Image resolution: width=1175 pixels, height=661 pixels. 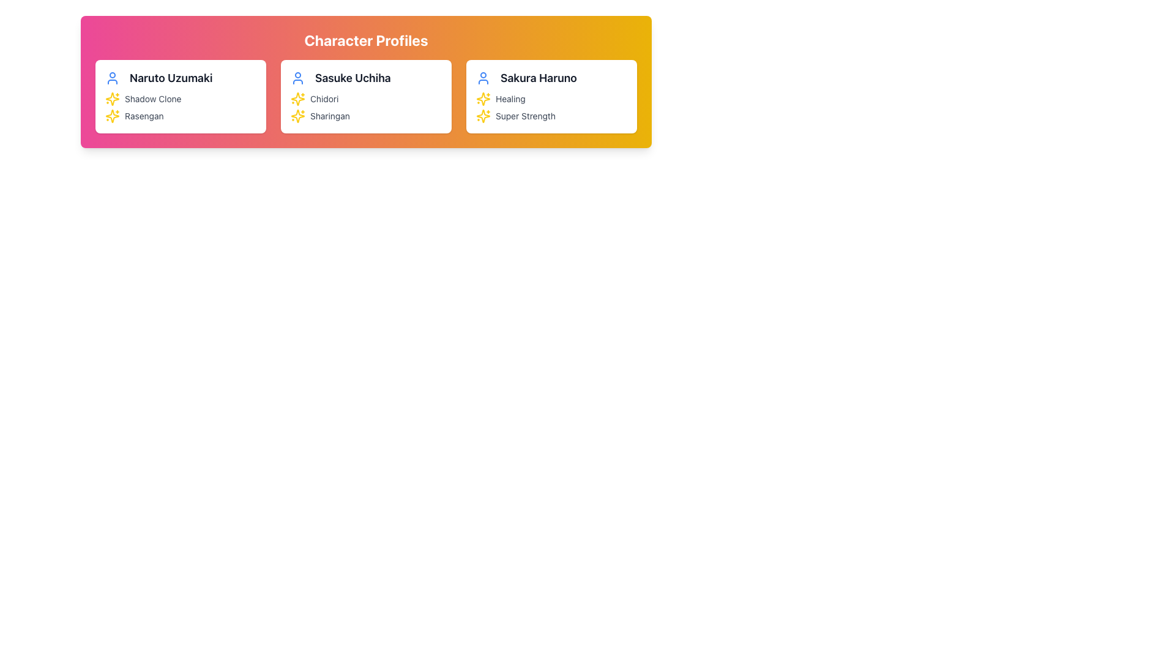 What do you see at coordinates (483, 99) in the screenshot?
I see `the star-shaped yellow icon representing 'Healing' in the character profile card for 'Sakura Haruno'` at bounding box center [483, 99].